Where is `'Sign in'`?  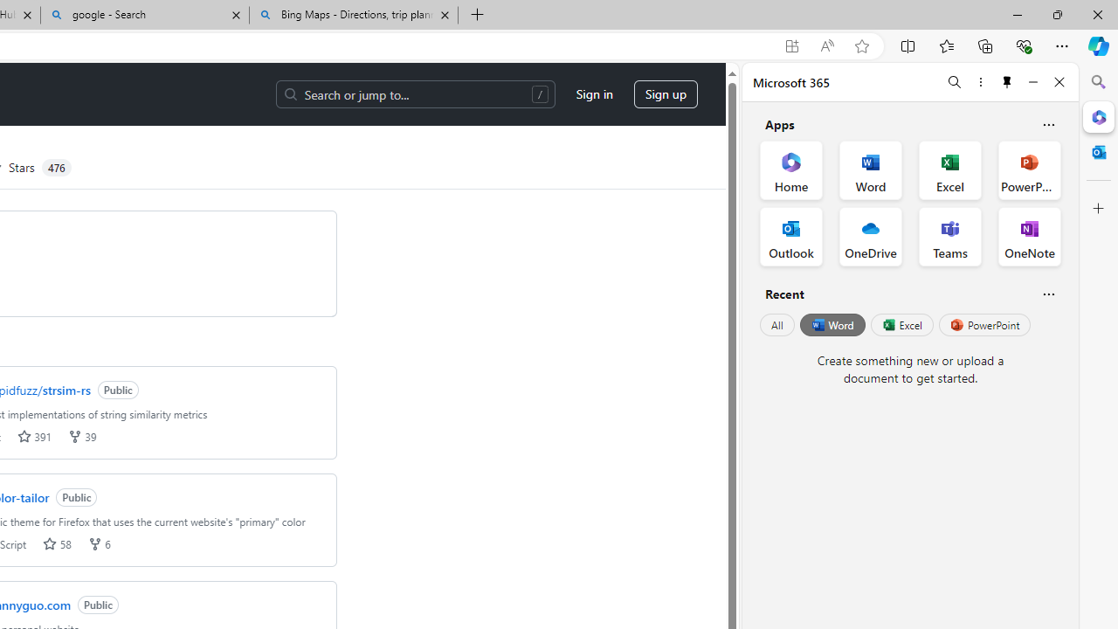
'Sign in' is located at coordinates (594, 94).